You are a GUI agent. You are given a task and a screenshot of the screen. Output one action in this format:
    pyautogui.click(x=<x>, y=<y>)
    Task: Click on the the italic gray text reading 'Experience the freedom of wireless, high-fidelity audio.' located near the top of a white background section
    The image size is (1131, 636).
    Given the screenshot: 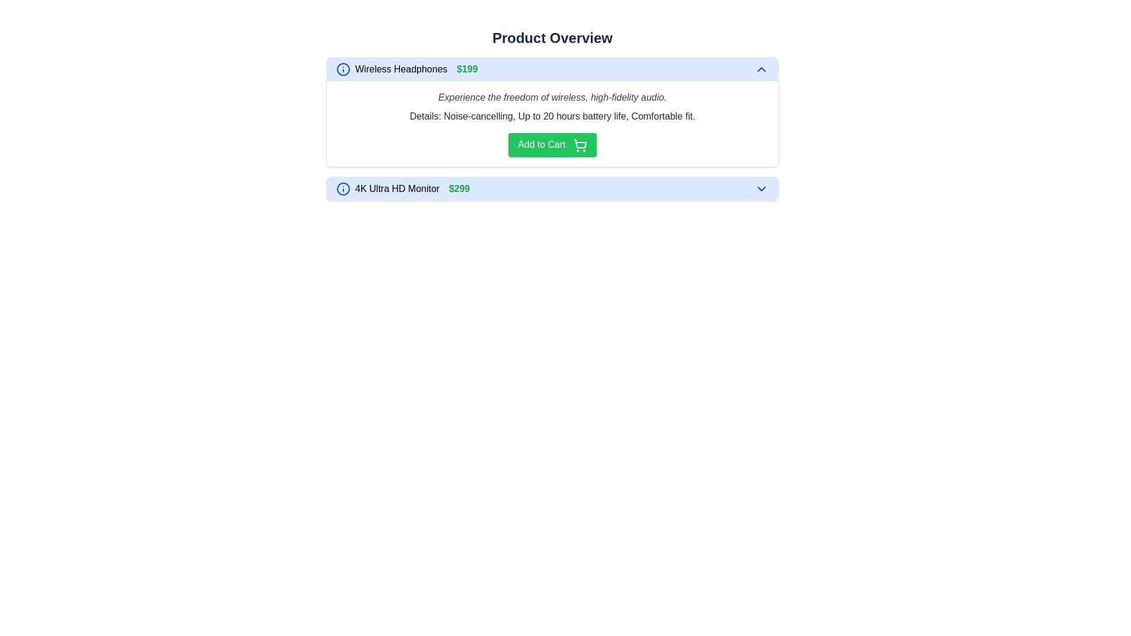 What is the action you would take?
    pyautogui.click(x=551, y=97)
    